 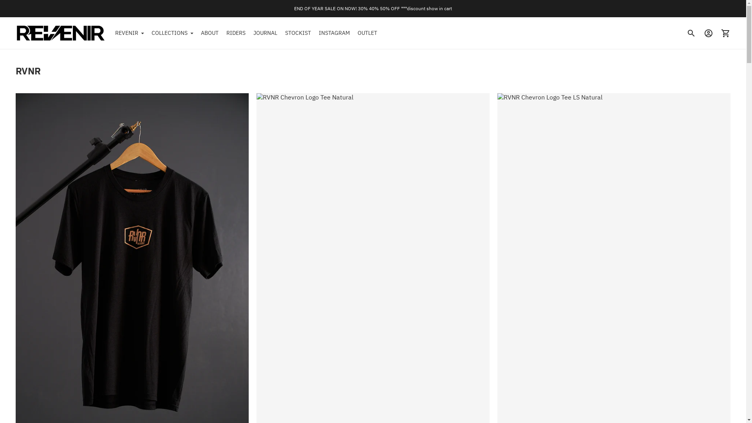 What do you see at coordinates (298, 33) in the screenshot?
I see `'STOCKIST'` at bounding box center [298, 33].